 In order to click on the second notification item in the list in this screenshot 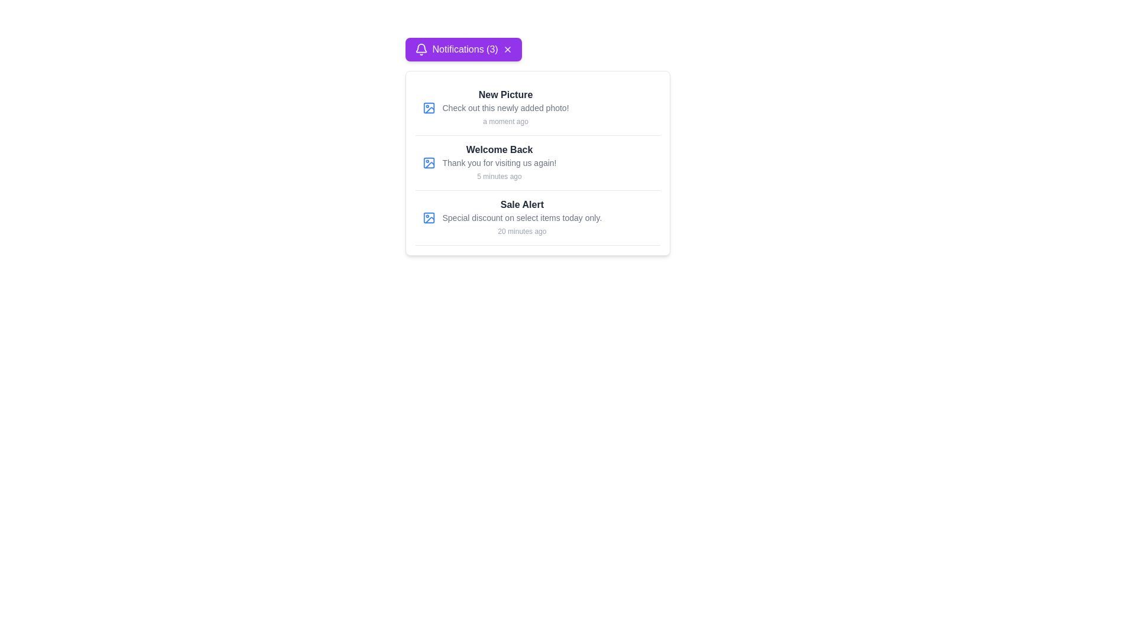, I will do `click(537, 163)`.